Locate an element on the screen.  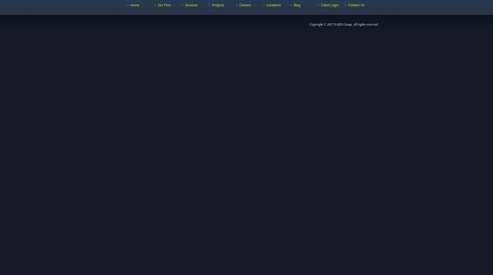
'Copyright © 2017 EADS Group. All rights reserved.' is located at coordinates (344, 24).